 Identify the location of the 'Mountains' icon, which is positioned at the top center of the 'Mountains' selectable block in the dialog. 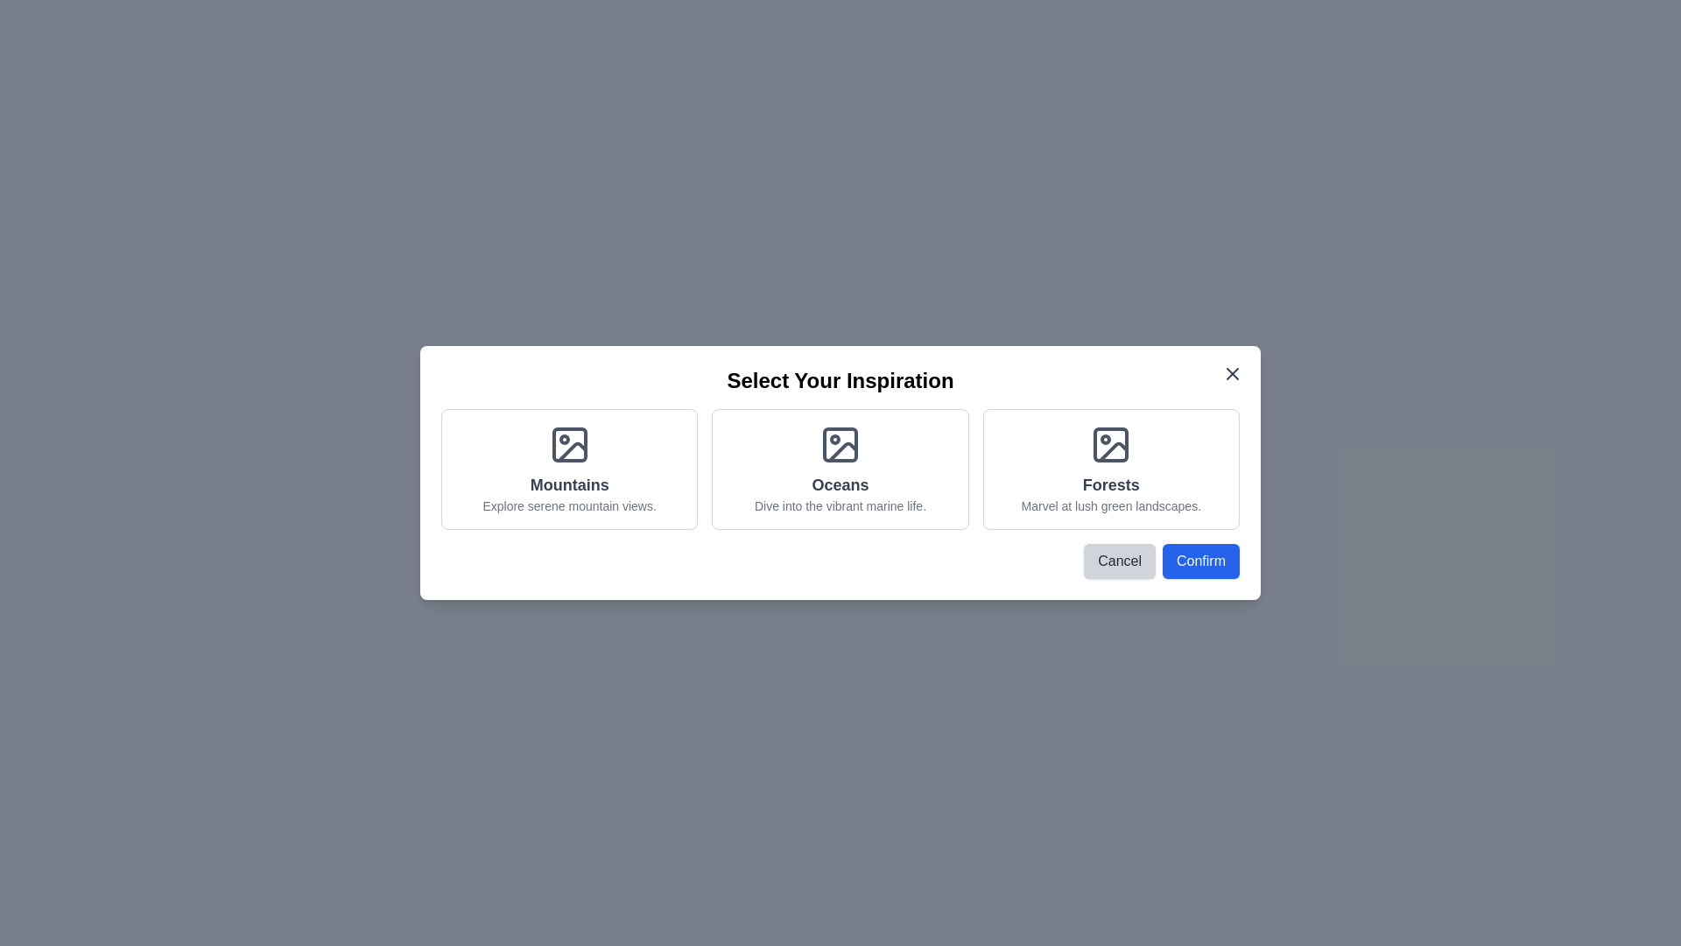
(569, 444).